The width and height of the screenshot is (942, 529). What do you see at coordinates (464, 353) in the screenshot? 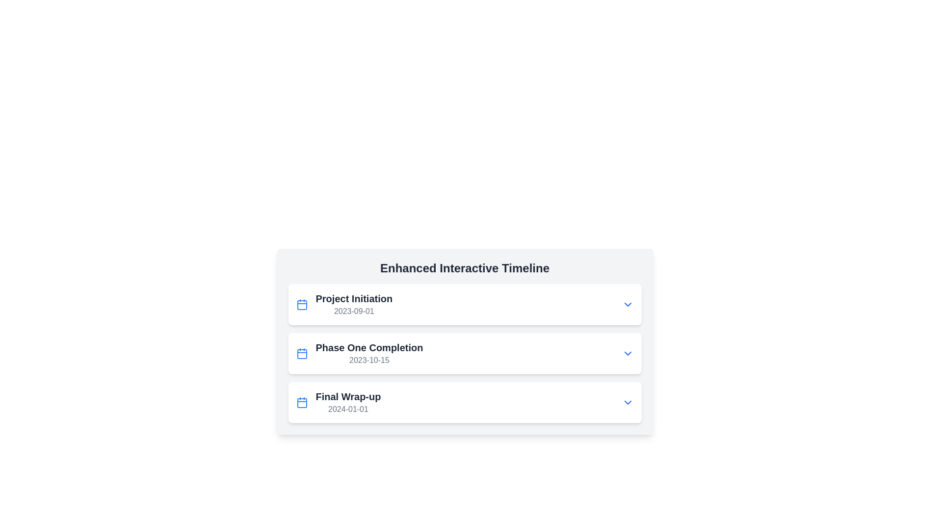
I see `the composite UI element displaying 'Phase One Completion' with the date '2023-10-15' and a drop-down arrow` at bounding box center [464, 353].